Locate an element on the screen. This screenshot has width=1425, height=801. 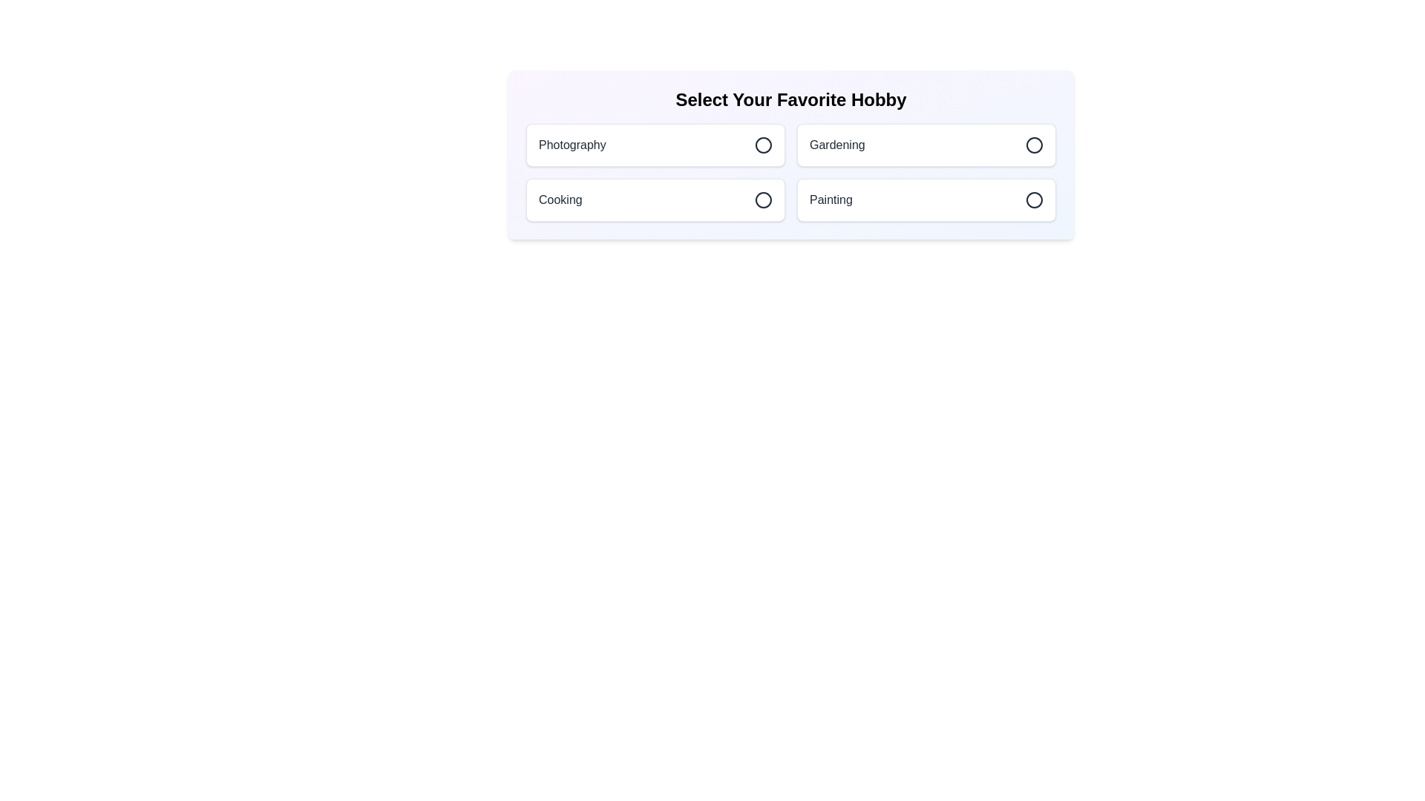
the 'Gardening' text label, which is displayed in a bold font and is the second option in the top row of a selectable grid layout is located at coordinates (837, 145).